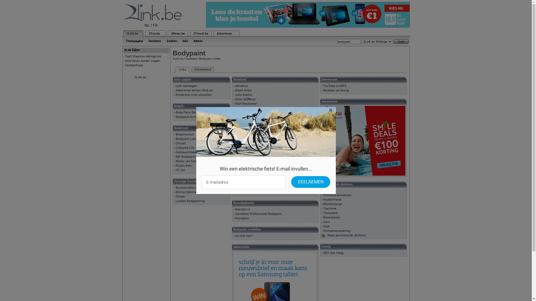 The image size is (536, 301). What do you see at coordinates (132, 33) in the screenshot?
I see `'2Link.be'` at bounding box center [132, 33].